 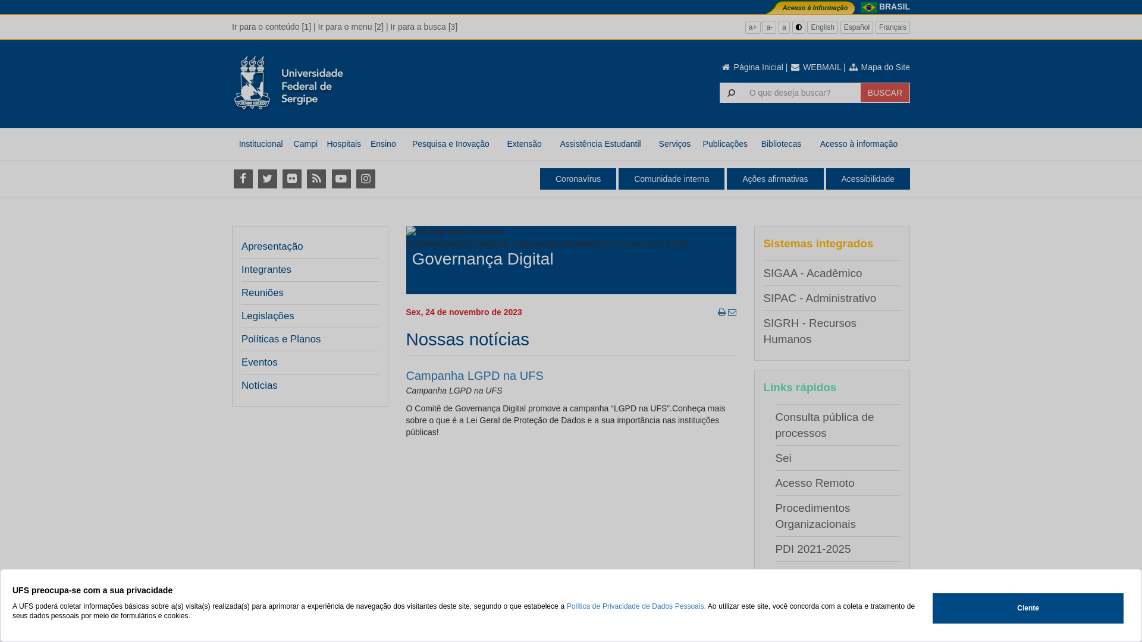 What do you see at coordinates (365, 178) in the screenshot?
I see `'Instagram'` at bounding box center [365, 178].